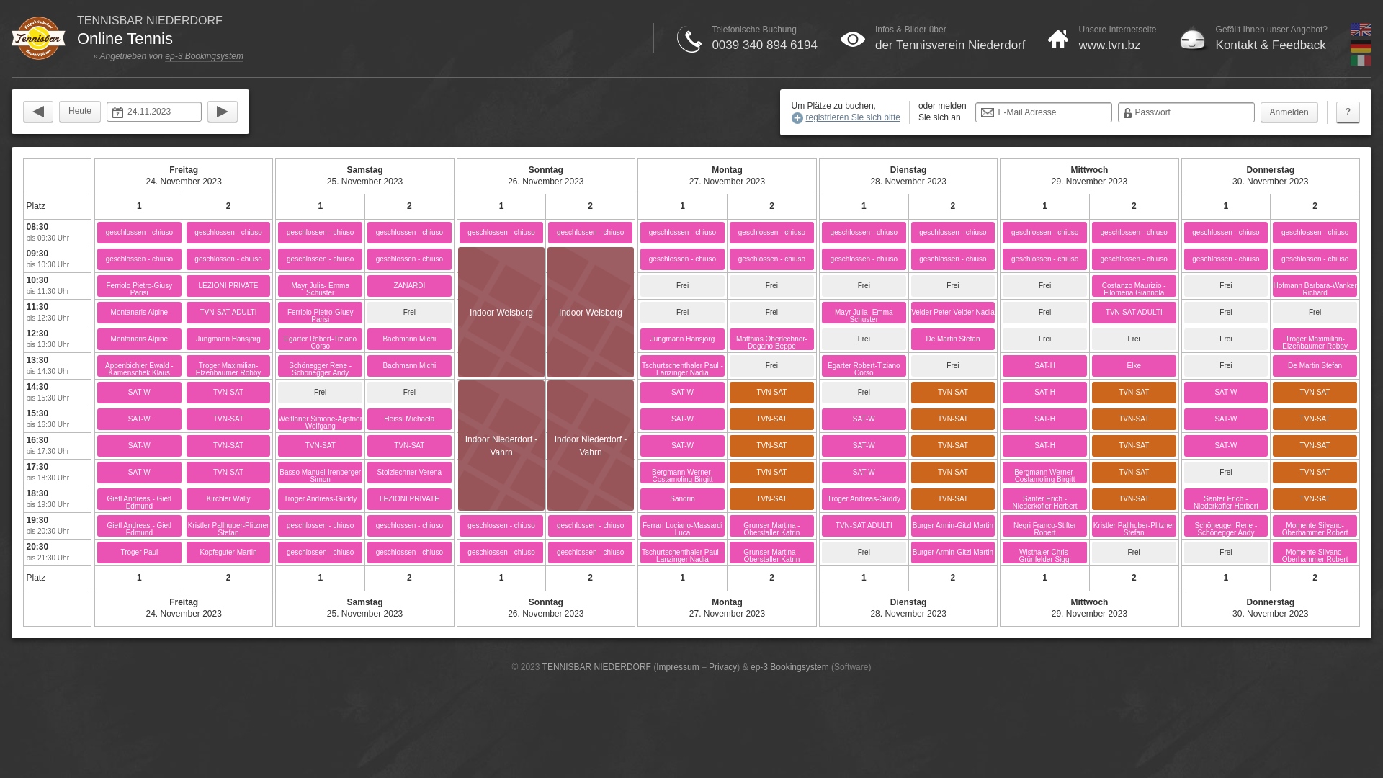  I want to click on 'Frei', so click(681, 286).